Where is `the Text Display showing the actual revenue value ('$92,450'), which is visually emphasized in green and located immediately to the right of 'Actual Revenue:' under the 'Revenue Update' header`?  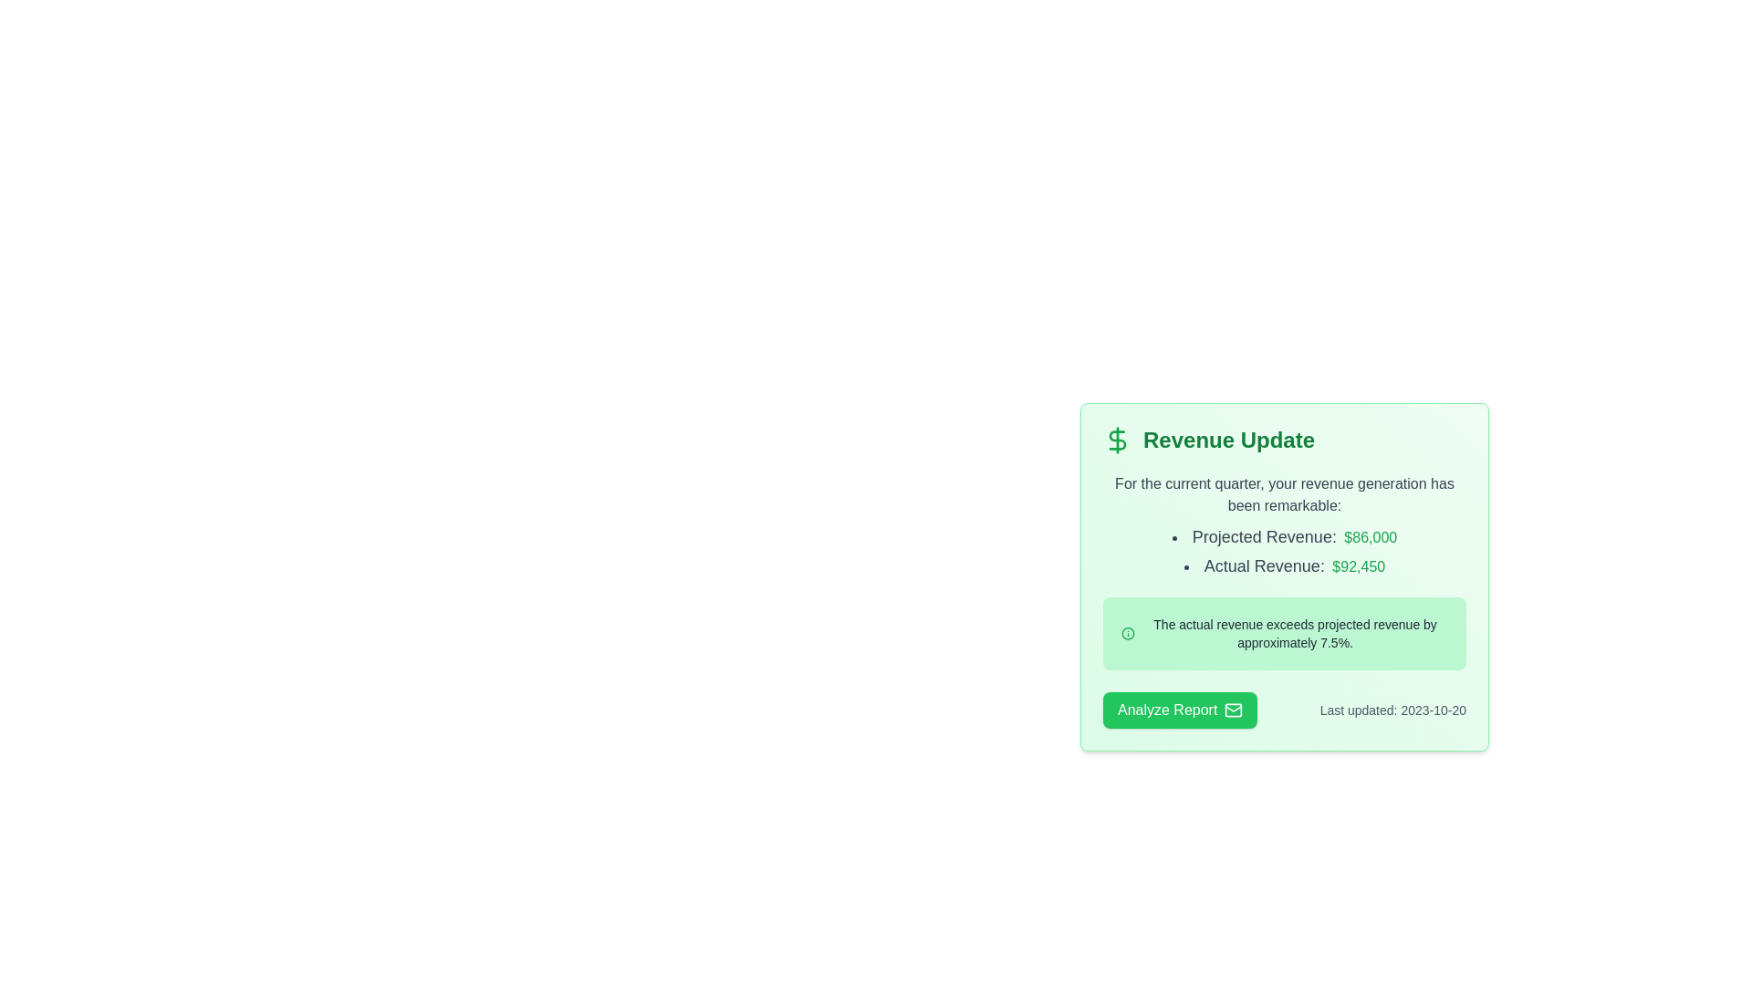 the Text Display showing the actual revenue value ('$92,450'), which is visually emphasized in green and located immediately to the right of 'Actual Revenue:' under the 'Revenue Update' header is located at coordinates (1359, 565).